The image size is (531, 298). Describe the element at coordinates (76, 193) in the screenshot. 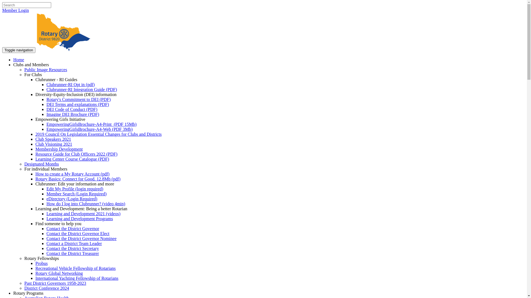

I see `'Member Search (Login Required)'` at that location.